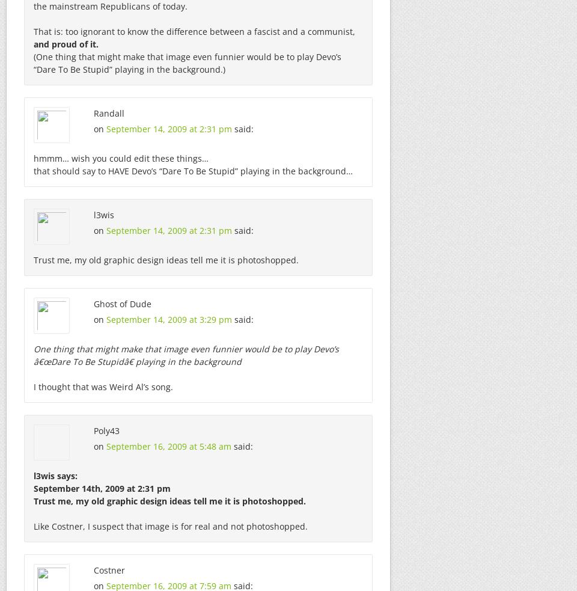 Image resolution: width=577 pixels, height=591 pixels. What do you see at coordinates (168, 446) in the screenshot?
I see `'September 16, 2009 at 5:48 am'` at bounding box center [168, 446].